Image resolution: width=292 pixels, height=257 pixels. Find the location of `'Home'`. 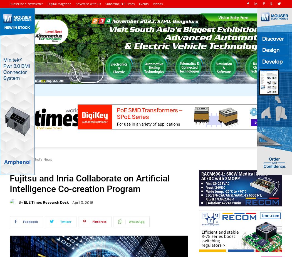

'Home' is located at coordinates (14, 159).